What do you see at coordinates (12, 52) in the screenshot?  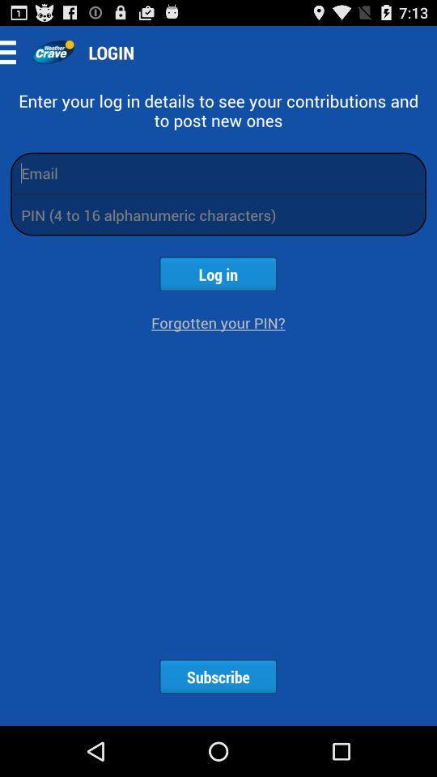 I see `more info` at bounding box center [12, 52].